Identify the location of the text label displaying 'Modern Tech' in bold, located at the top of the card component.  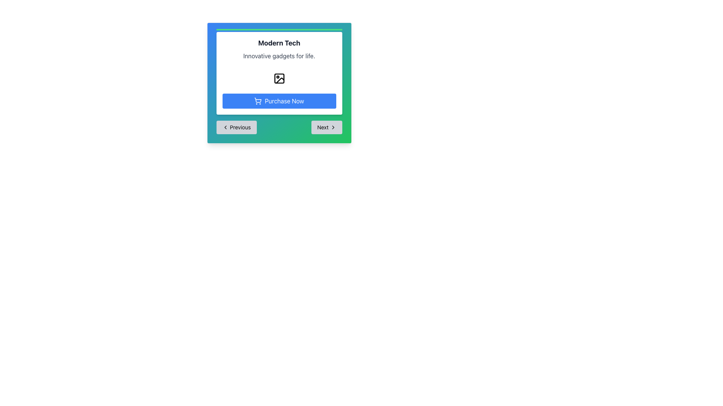
(279, 43).